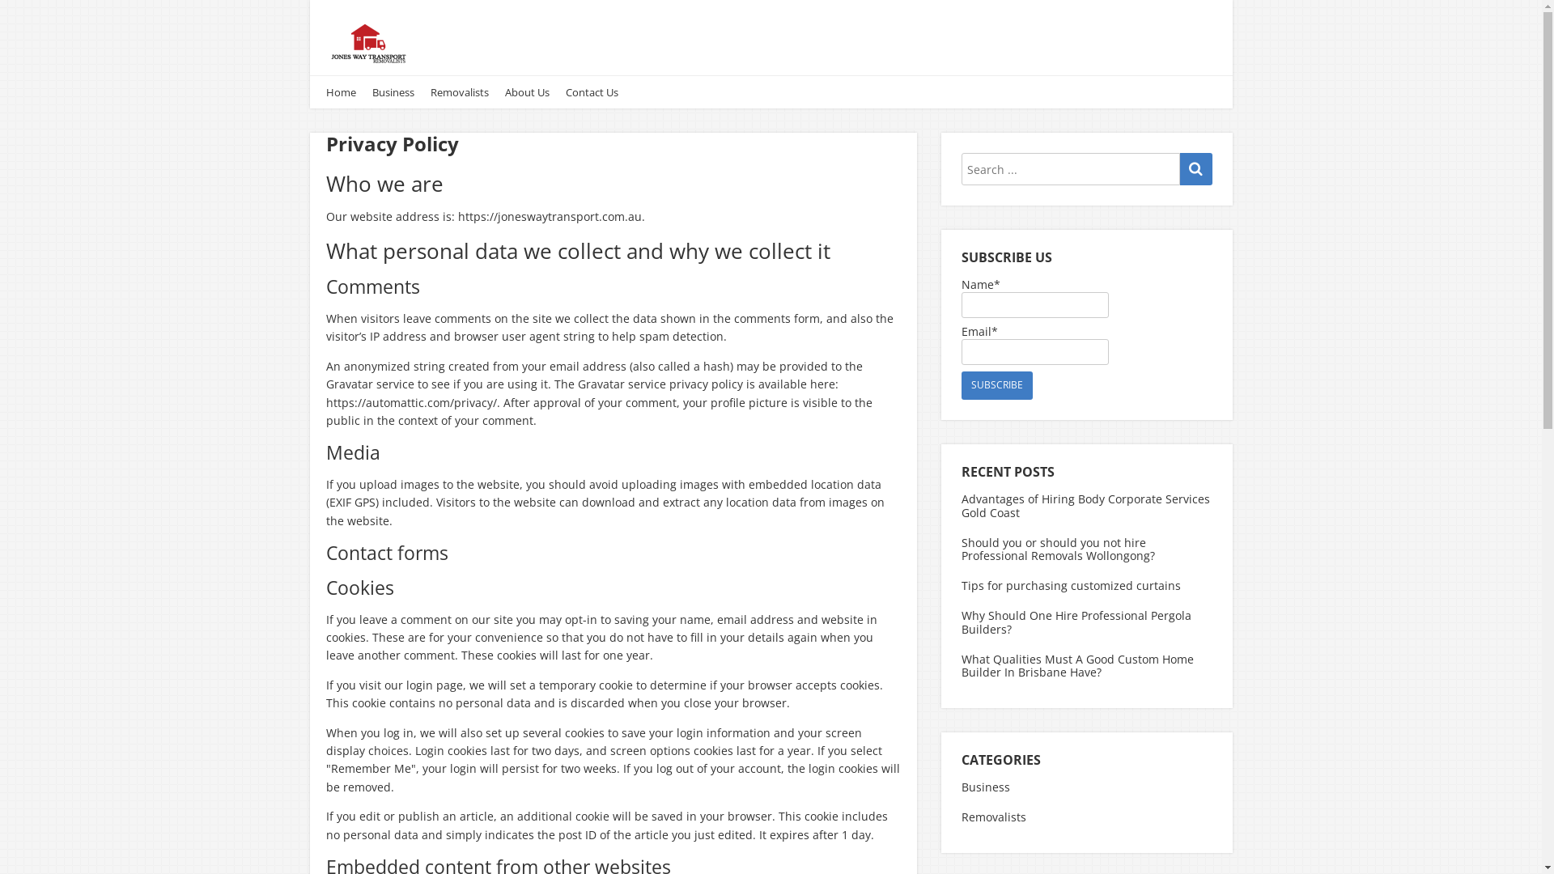 The width and height of the screenshot is (1554, 874). What do you see at coordinates (590, 92) in the screenshot?
I see `'Contact Us'` at bounding box center [590, 92].